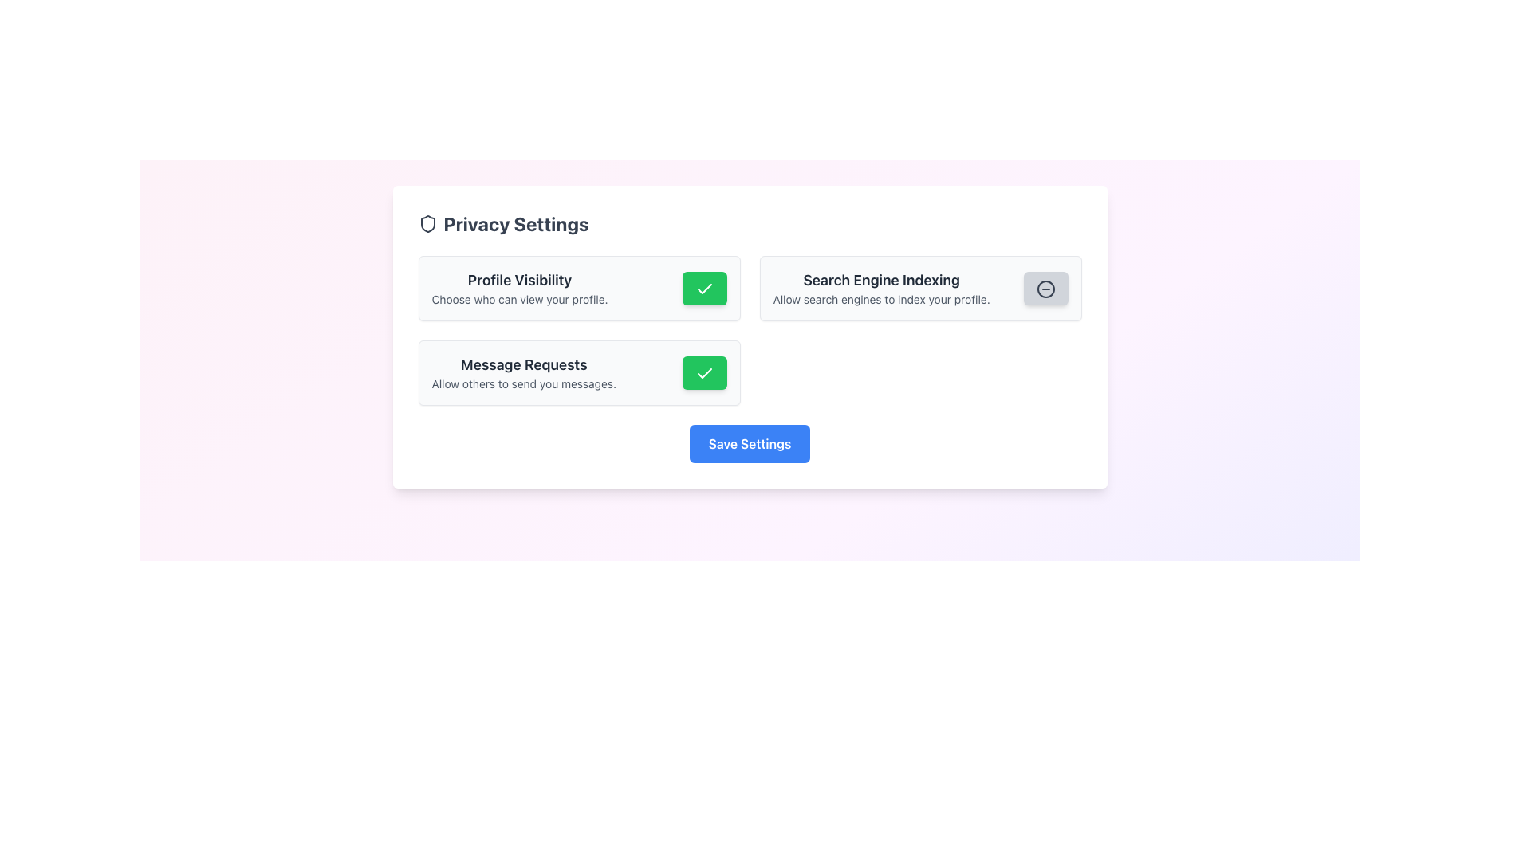  I want to click on the descriptive text label located underneath 'Message Requests' in the privacy settings options, so click(524, 384).